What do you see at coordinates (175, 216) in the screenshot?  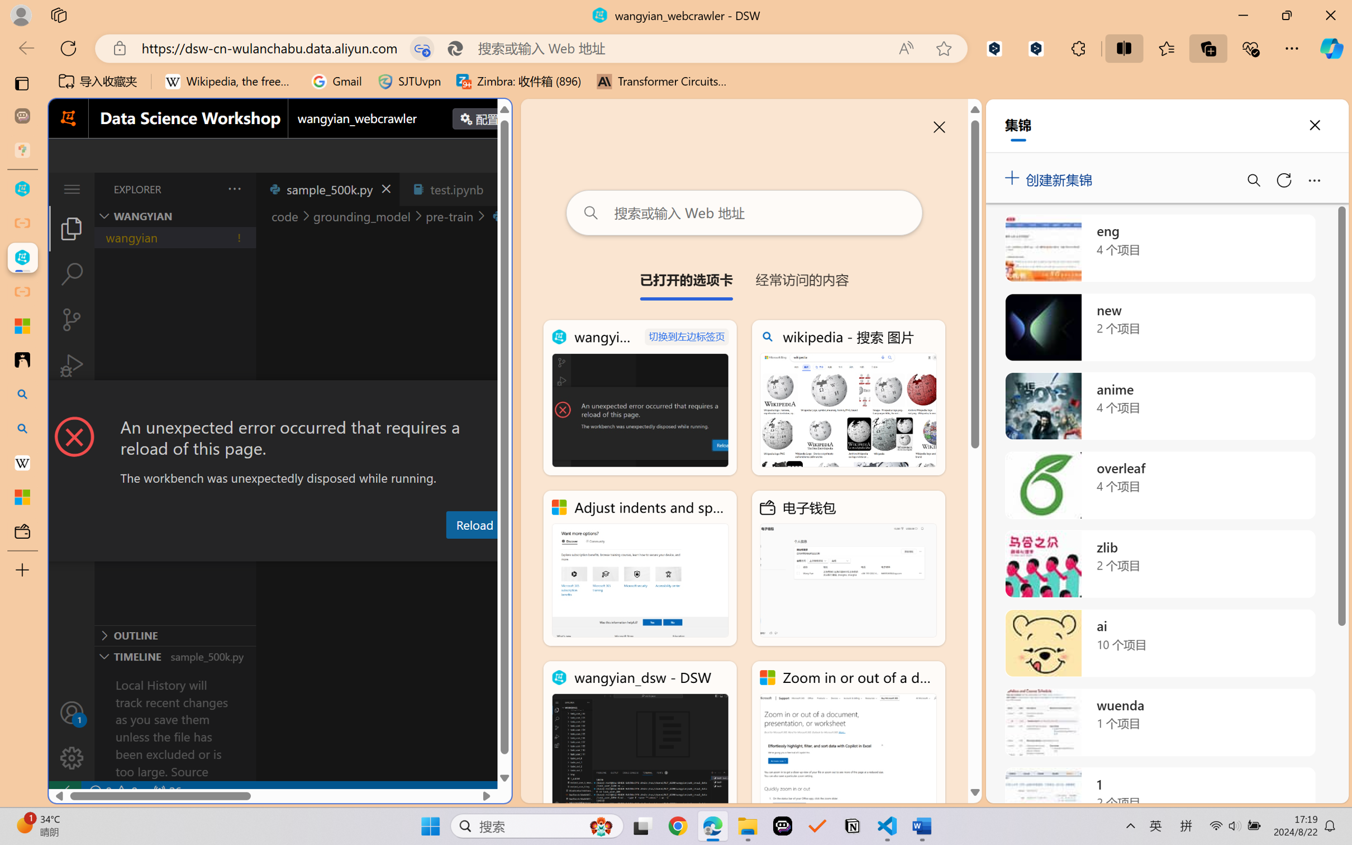 I see `'Explorer Section: wangyian'` at bounding box center [175, 216].